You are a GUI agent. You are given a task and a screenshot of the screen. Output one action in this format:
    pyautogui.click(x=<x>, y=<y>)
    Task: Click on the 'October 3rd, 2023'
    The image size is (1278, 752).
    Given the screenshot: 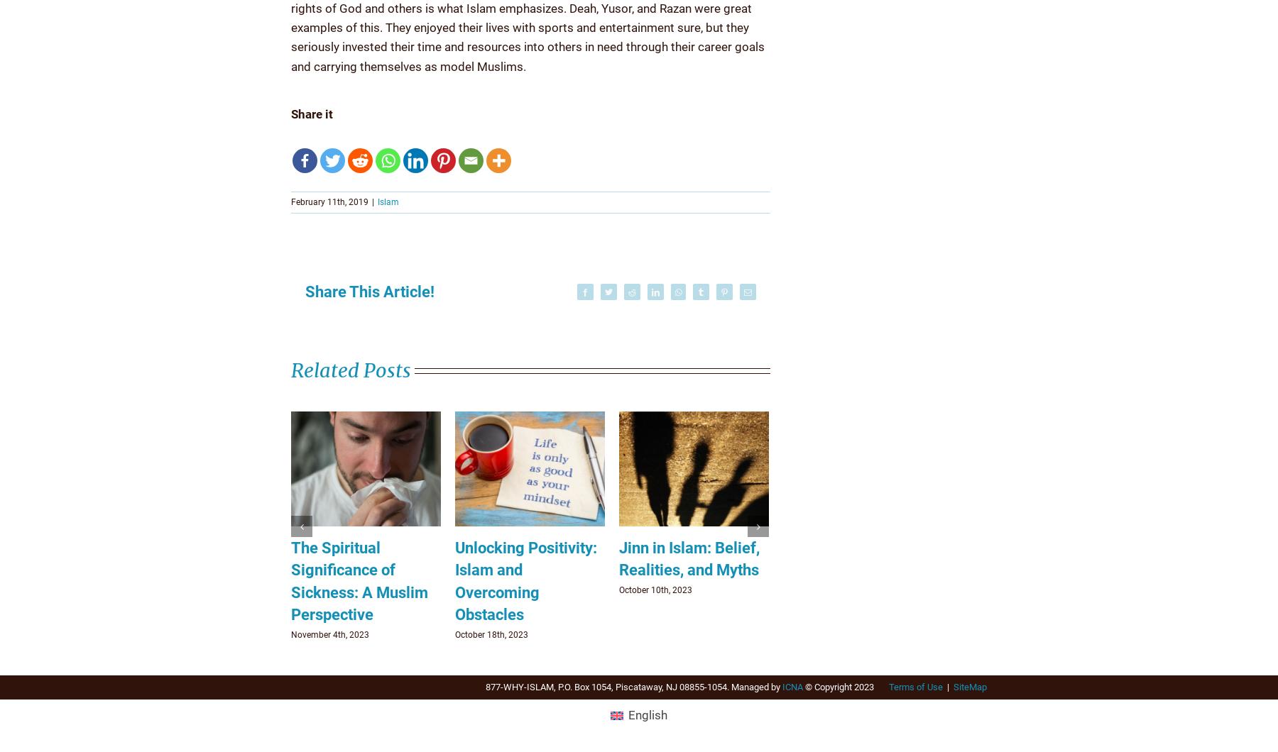 What is the action you would take?
    pyautogui.click(x=324, y=634)
    